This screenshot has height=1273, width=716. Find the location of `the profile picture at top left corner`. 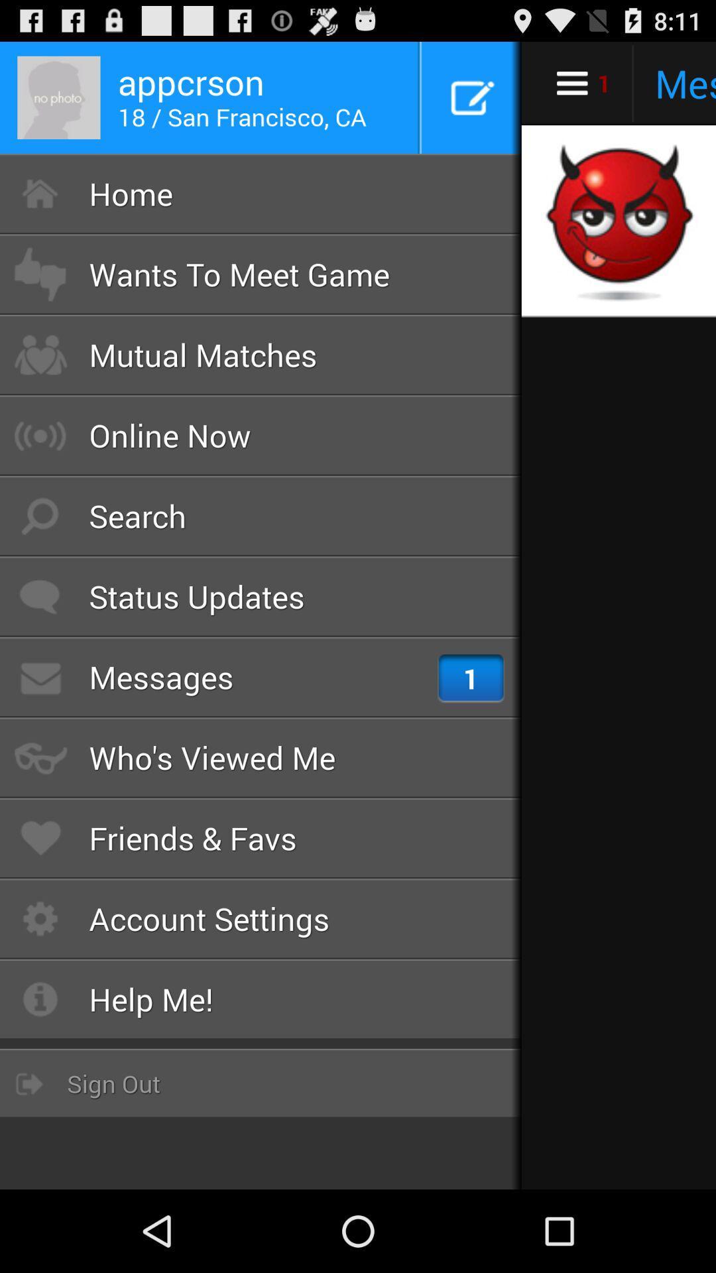

the profile picture at top left corner is located at coordinates (58, 97).